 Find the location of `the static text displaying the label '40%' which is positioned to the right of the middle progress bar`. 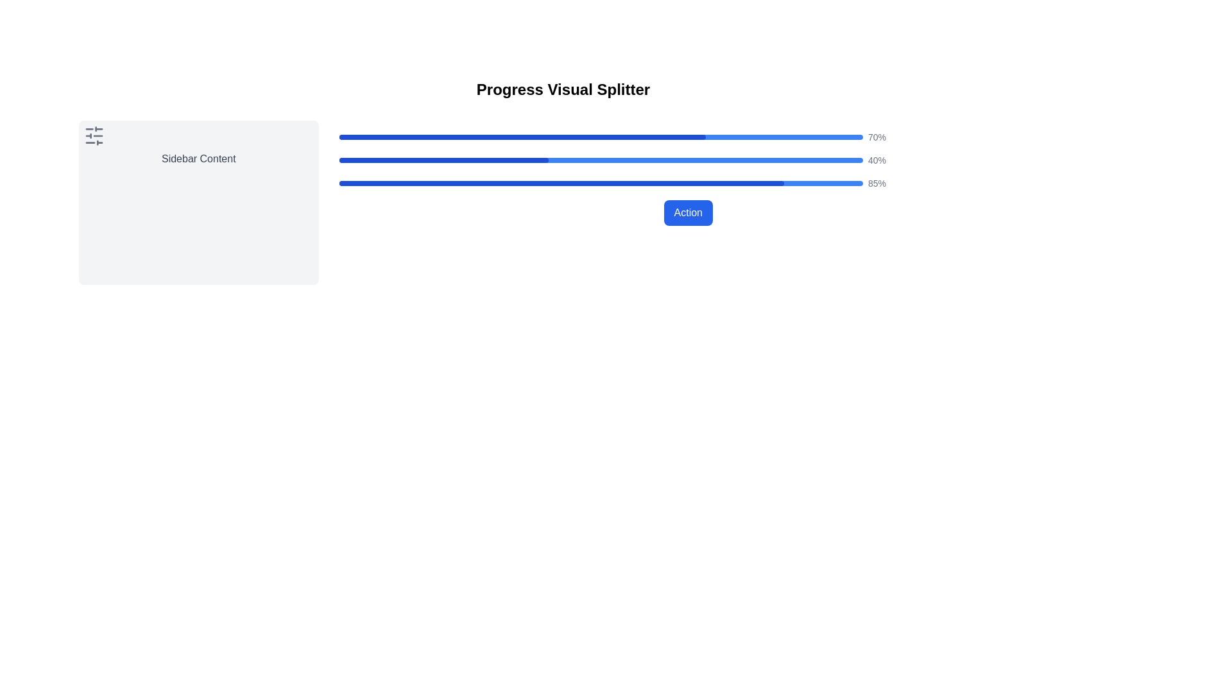

the static text displaying the label '40%' which is positioned to the right of the middle progress bar is located at coordinates (876, 160).